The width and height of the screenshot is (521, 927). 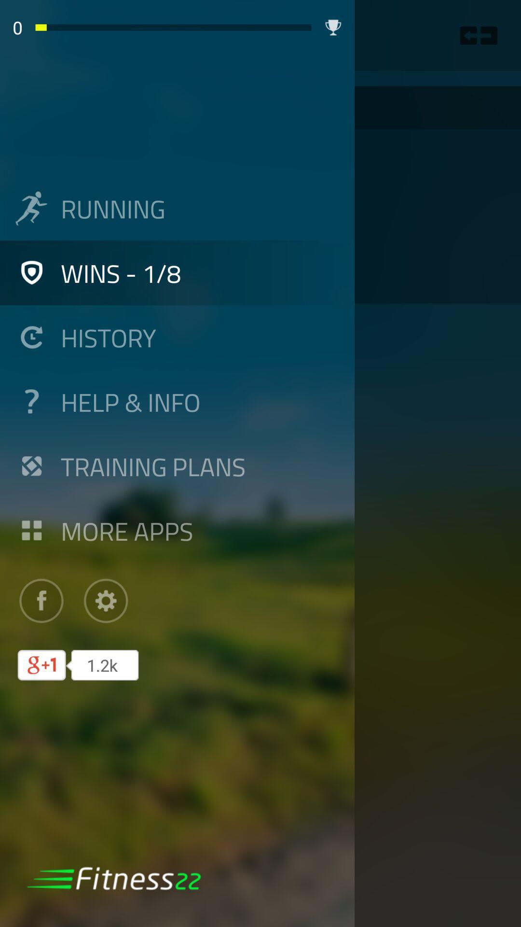 What do you see at coordinates (31, 530) in the screenshot?
I see `icon left to more apps` at bounding box center [31, 530].